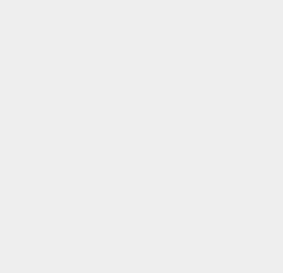 The height and width of the screenshot is (273, 283). I want to click on 'Nokia Lumia', so click(210, 91).